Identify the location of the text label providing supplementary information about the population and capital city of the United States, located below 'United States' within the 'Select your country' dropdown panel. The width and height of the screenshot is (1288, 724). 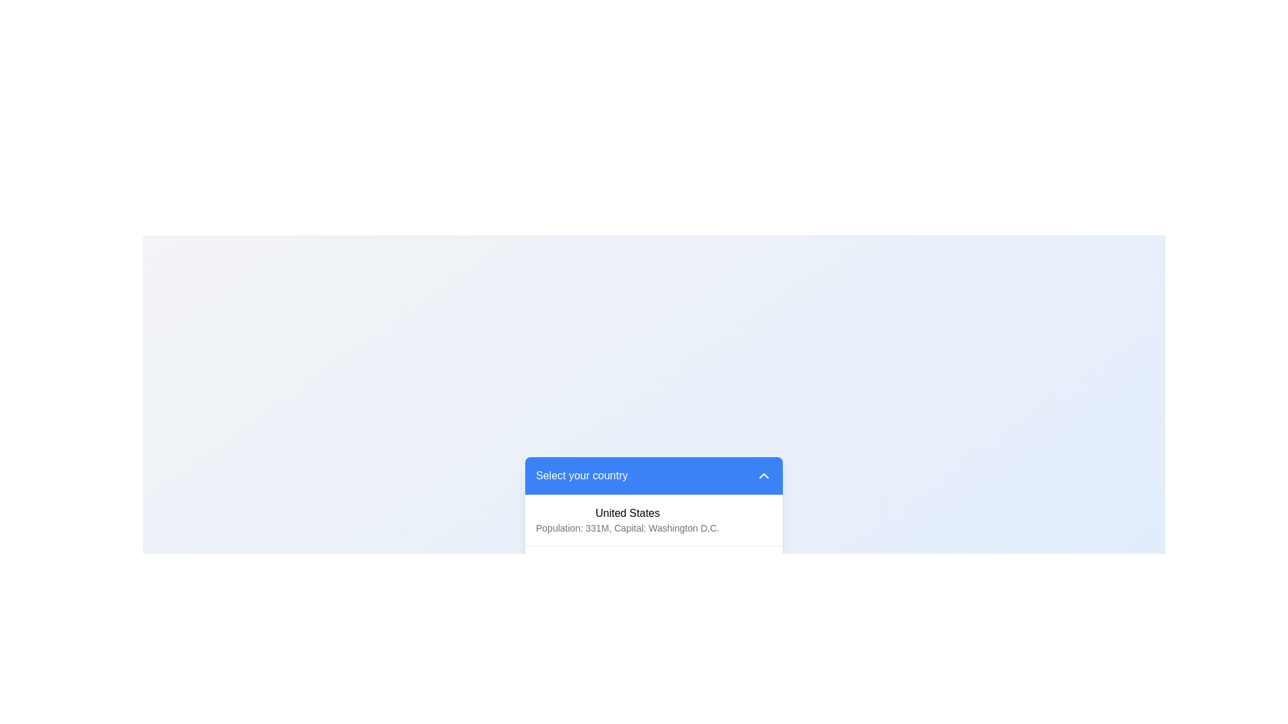
(627, 527).